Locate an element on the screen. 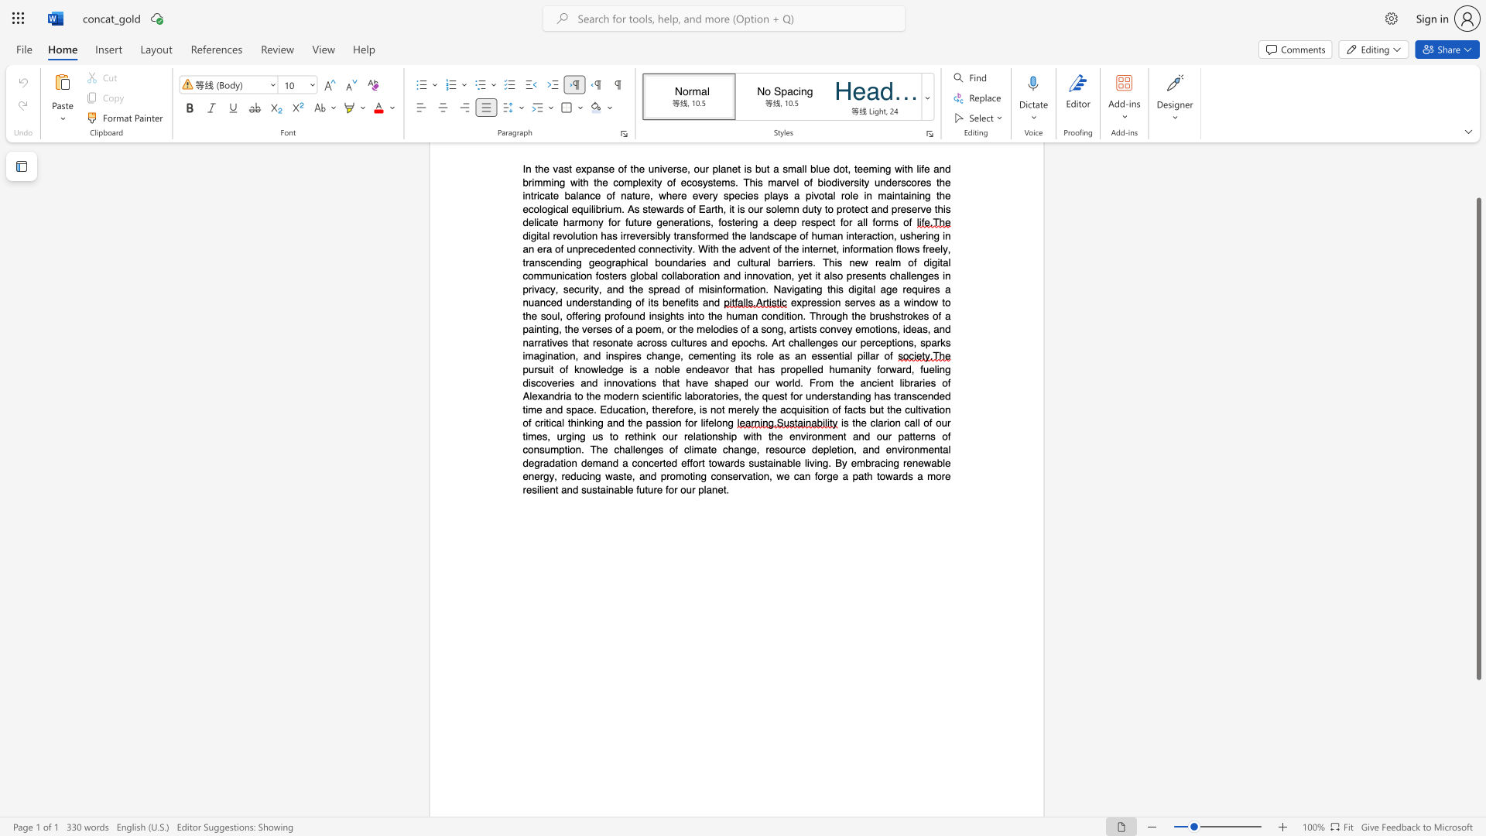  the scrollbar and move down 120 pixels is located at coordinates (1477, 439).